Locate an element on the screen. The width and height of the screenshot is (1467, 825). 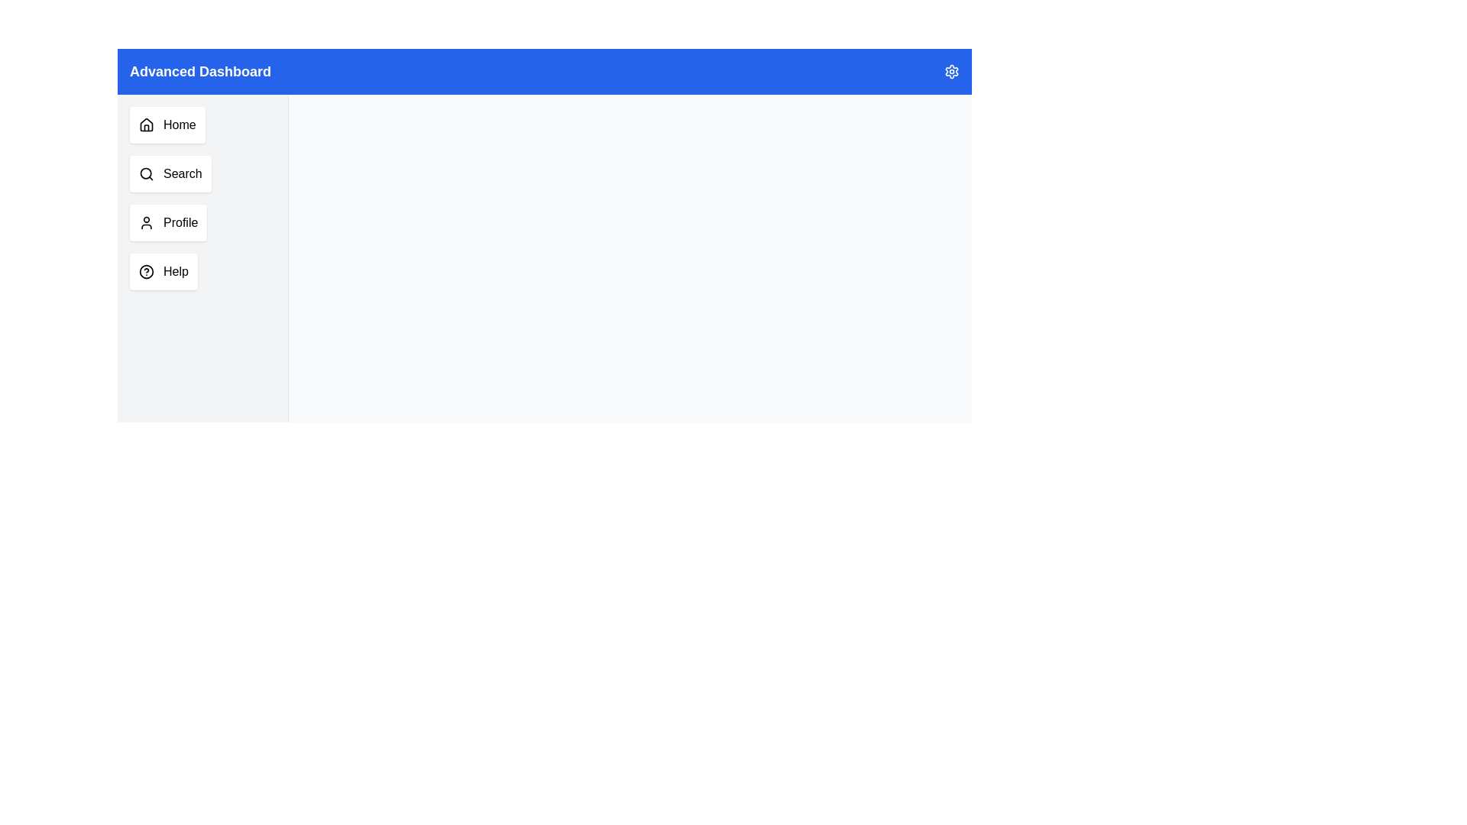
the circle element with a black outline and transparent fill, which is the inner detail of the magnifying glass symbol in the sidebar menu of the Advanced Dashboard is located at coordinates (146, 173).